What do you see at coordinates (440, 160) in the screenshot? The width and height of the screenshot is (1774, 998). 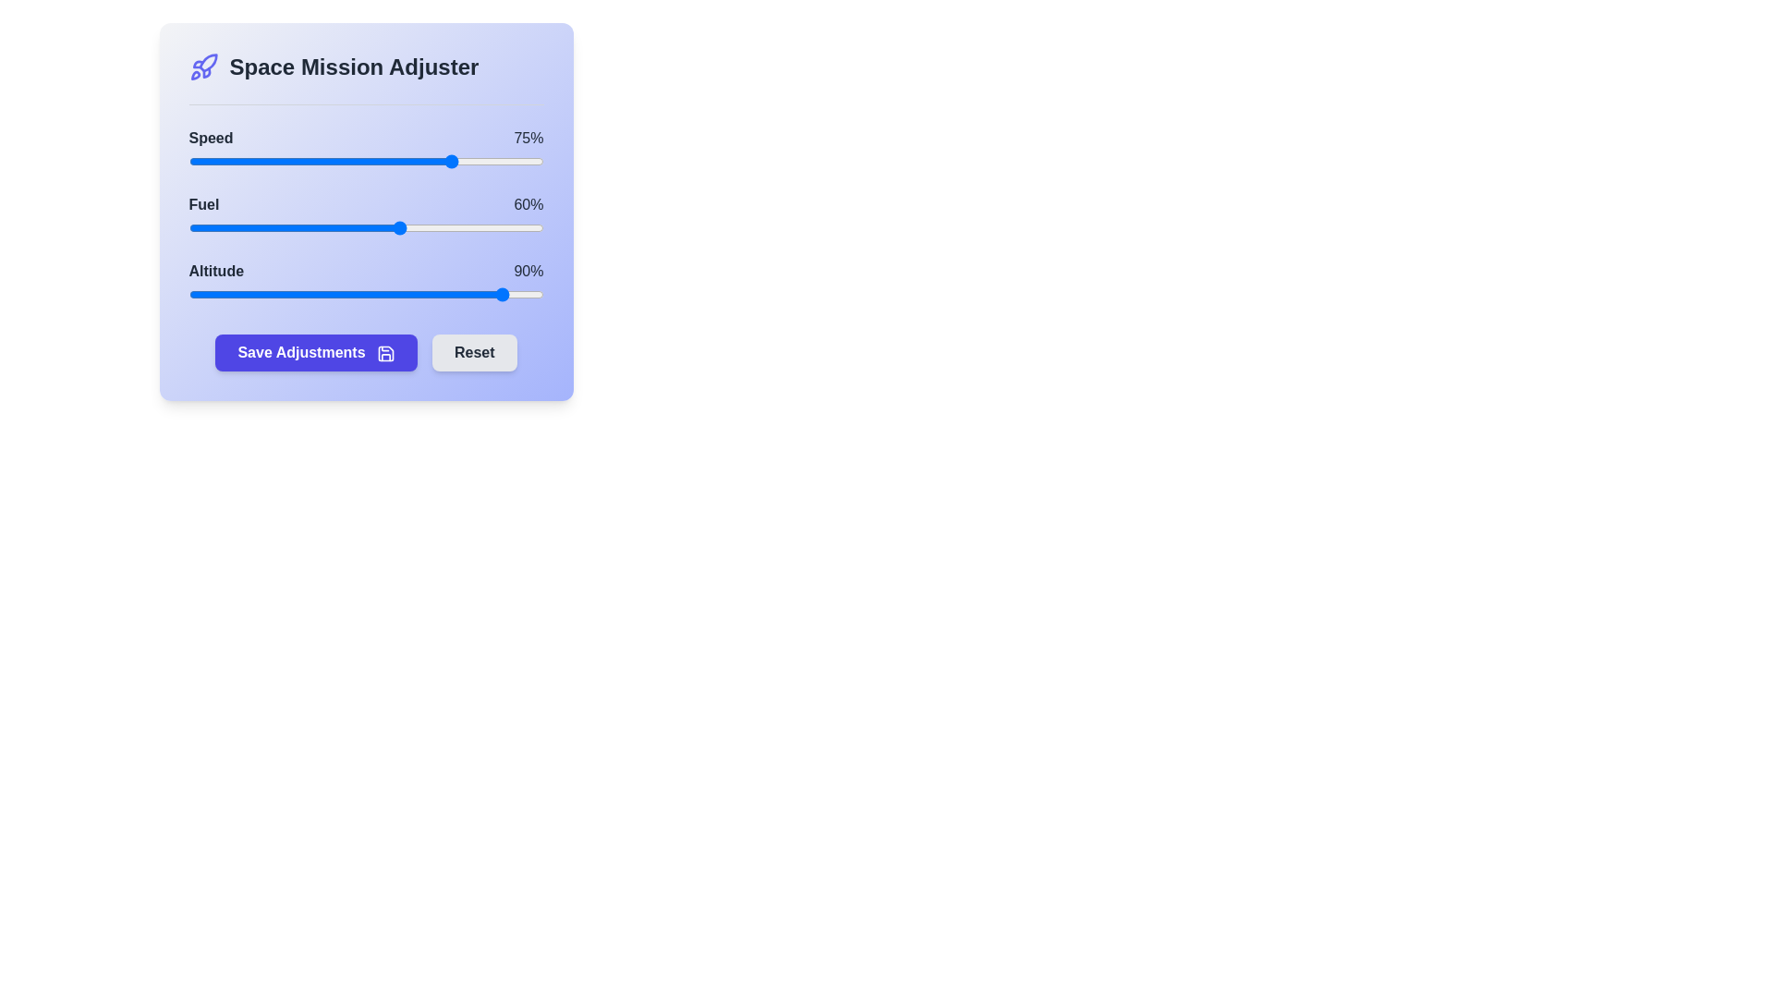 I see `the 0 slider to 71%` at bounding box center [440, 160].